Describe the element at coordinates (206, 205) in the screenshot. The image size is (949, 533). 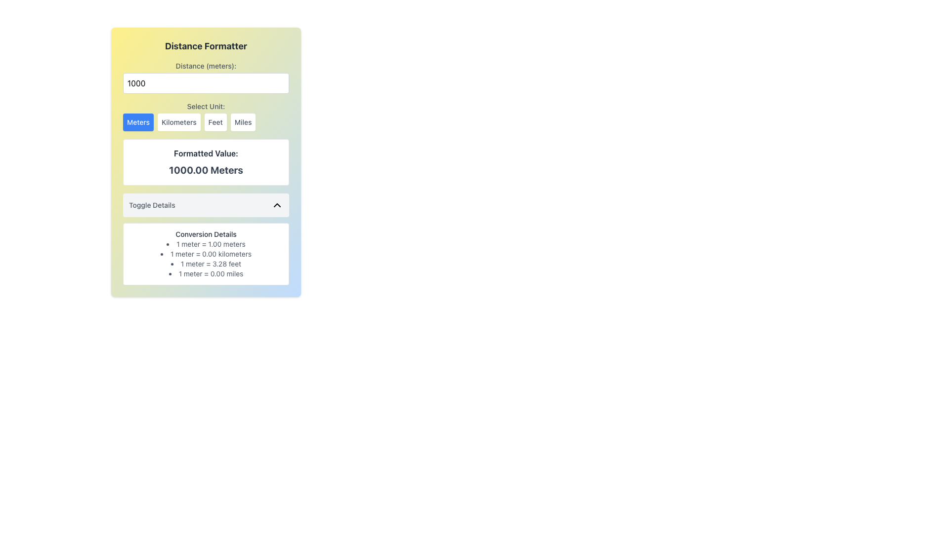
I see `the toggle button that shows or hides the 'Conversion Details' section located between the 'Formatted Value' section and the expandable content` at that location.